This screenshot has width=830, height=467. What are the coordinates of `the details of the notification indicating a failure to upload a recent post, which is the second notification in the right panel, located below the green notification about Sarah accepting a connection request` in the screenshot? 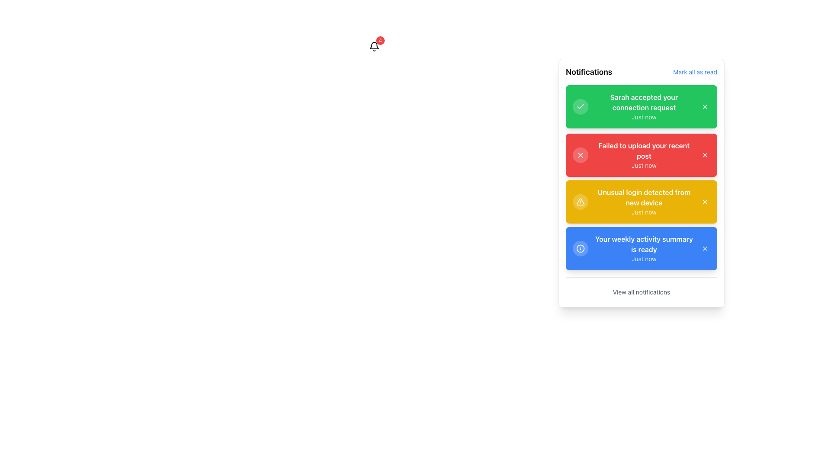 It's located at (644, 154).